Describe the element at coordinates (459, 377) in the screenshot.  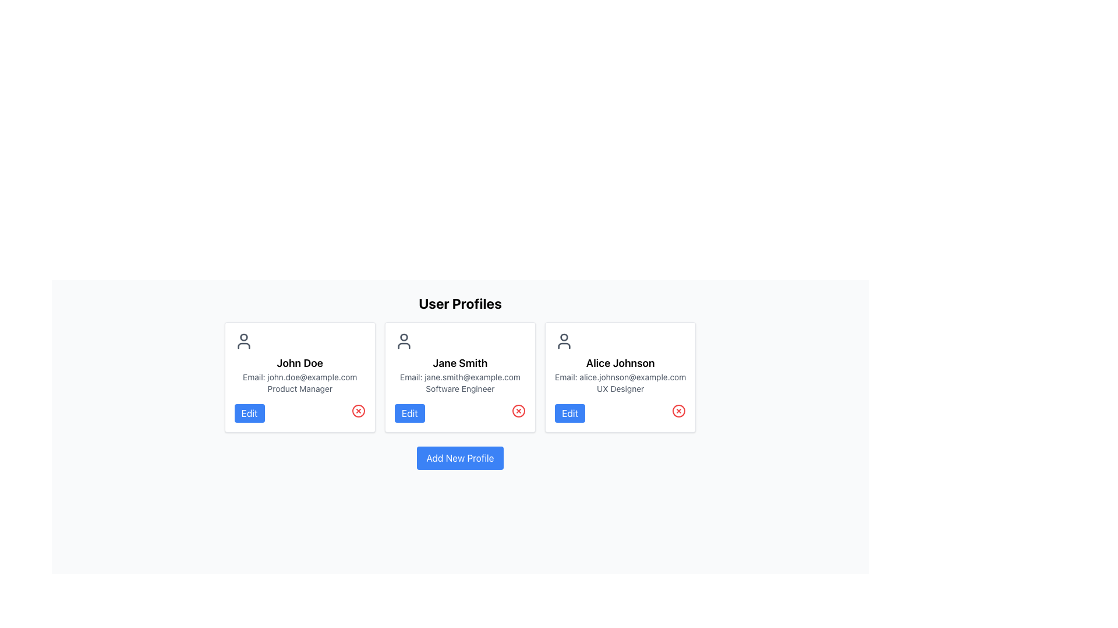
I see `the Profile Card for 'Jane Smith', which contains her name, email, job title, and interactive buttons for editing and deleting, located in the middle of the User Profiles section` at that location.